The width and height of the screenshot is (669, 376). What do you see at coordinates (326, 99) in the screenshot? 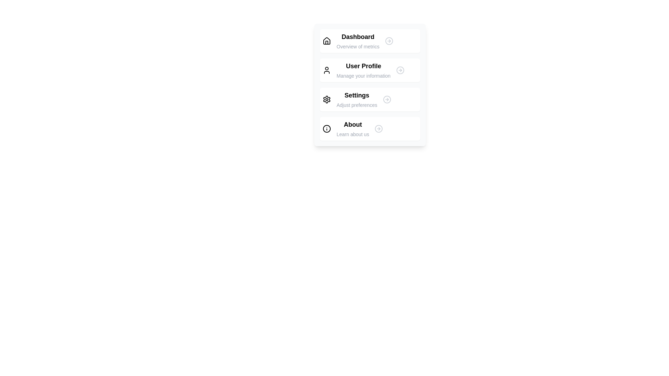
I see `the gear icon indicating settings, which is the first item in the vertical list of the 'Settings' menu entry` at bounding box center [326, 99].